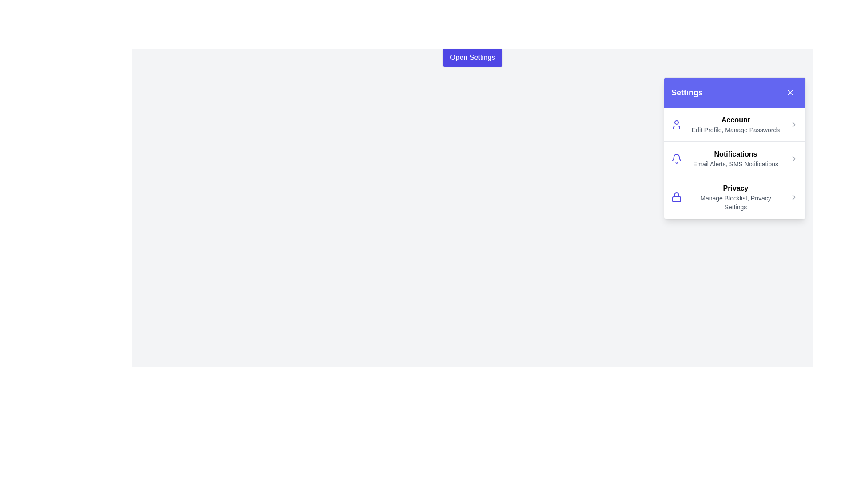 The width and height of the screenshot is (853, 479). I want to click on the text label displaying 'Manage Blocklist, Privacy Settings', which is styled in a smaller font size and lighter gray color, located underneath the bolded title 'Privacy', so click(736, 202).